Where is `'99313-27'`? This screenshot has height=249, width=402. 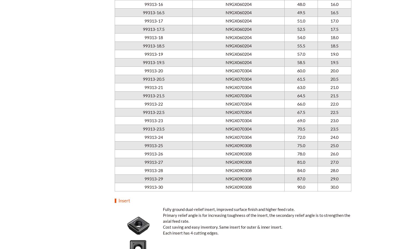
'99313-27' is located at coordinates (153, 161).